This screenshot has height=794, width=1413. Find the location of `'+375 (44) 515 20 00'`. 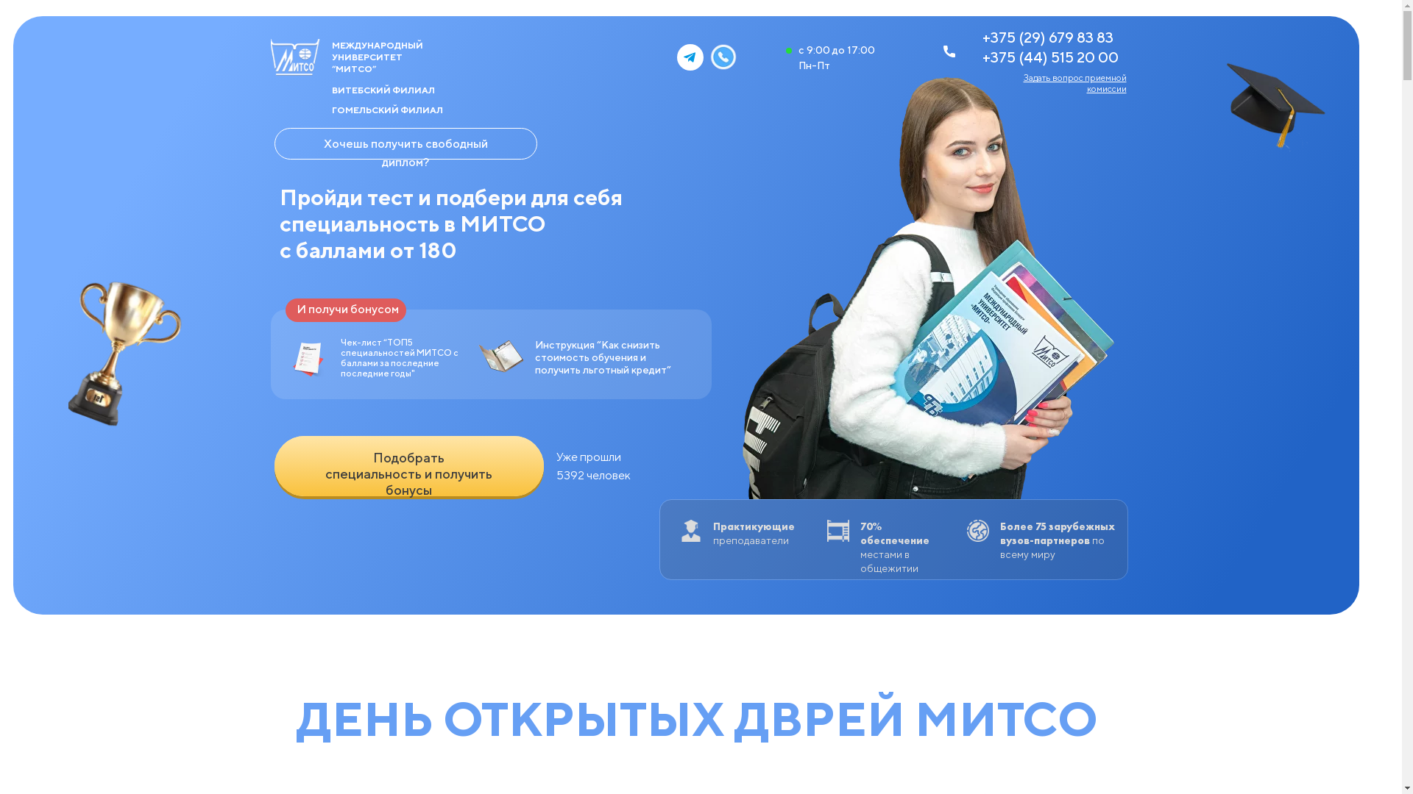

'+375 (44) 515 20 00' is located at coordinates (1049, 56).